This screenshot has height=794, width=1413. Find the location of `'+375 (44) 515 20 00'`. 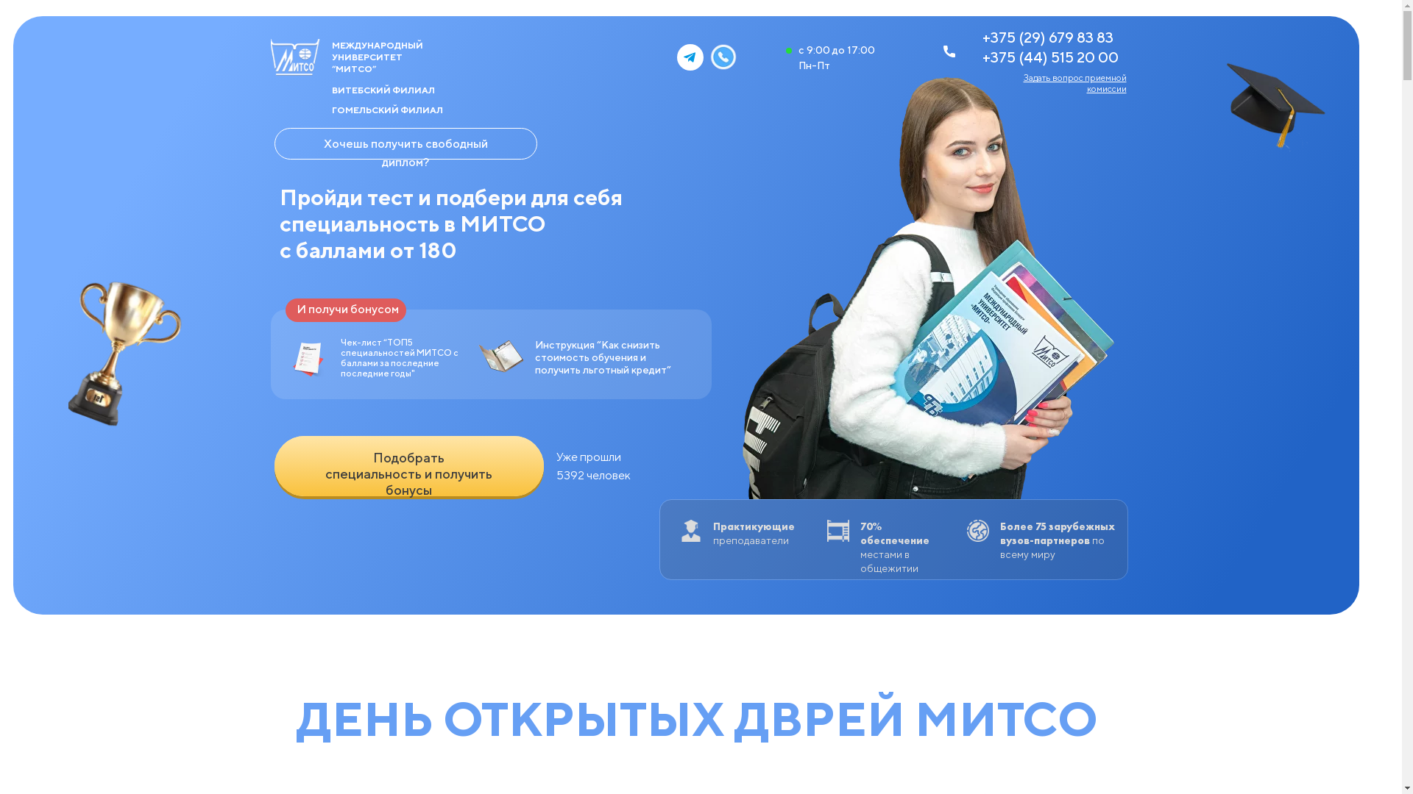

'+375 (44) 515 20 00' is located at coordinates (1049, 56).